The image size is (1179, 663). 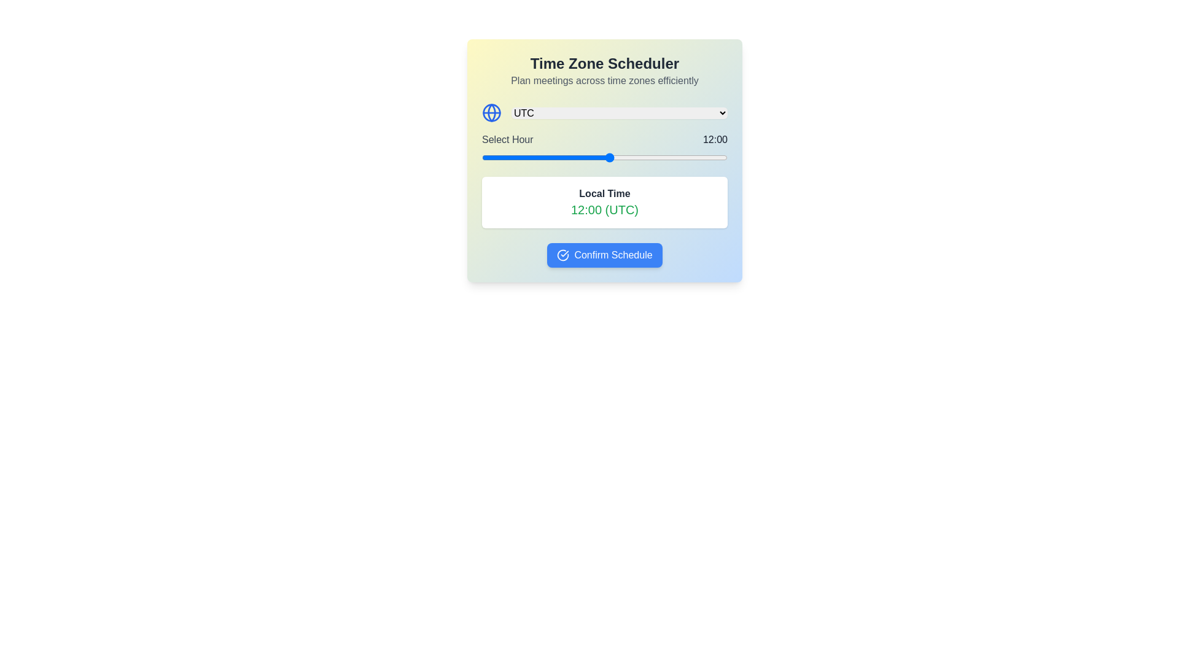 I want to click on the static text element that displays 'Plan meetings across time zones efficiently', which is positioned directly below the 'Time Zone Scheduler' header, so click(x=604, y=80).